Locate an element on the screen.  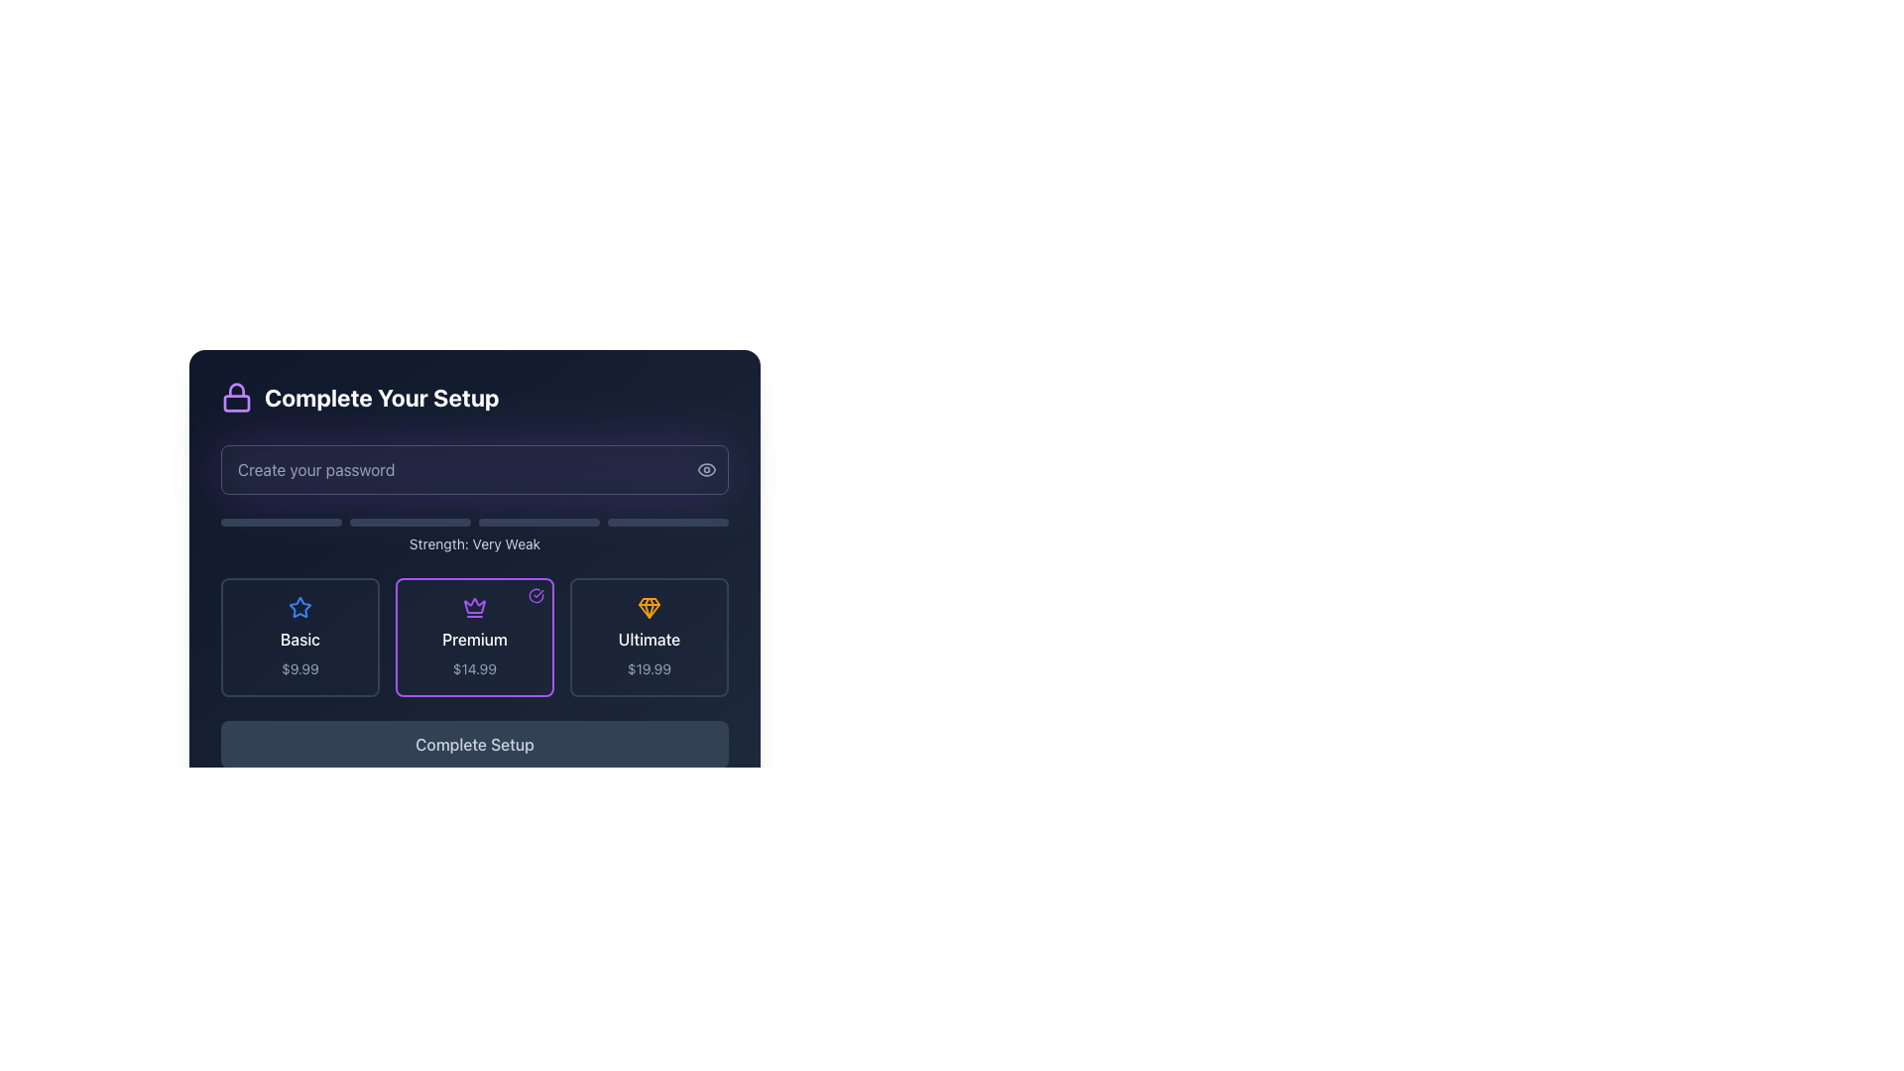
the text label displaying 'Basic' in white color, located within the subscription plan section labeled 'Basic $9.99', positioned beneath a star icon and above the price information, slightly centered horizontally is located at coordinates (298, 639).